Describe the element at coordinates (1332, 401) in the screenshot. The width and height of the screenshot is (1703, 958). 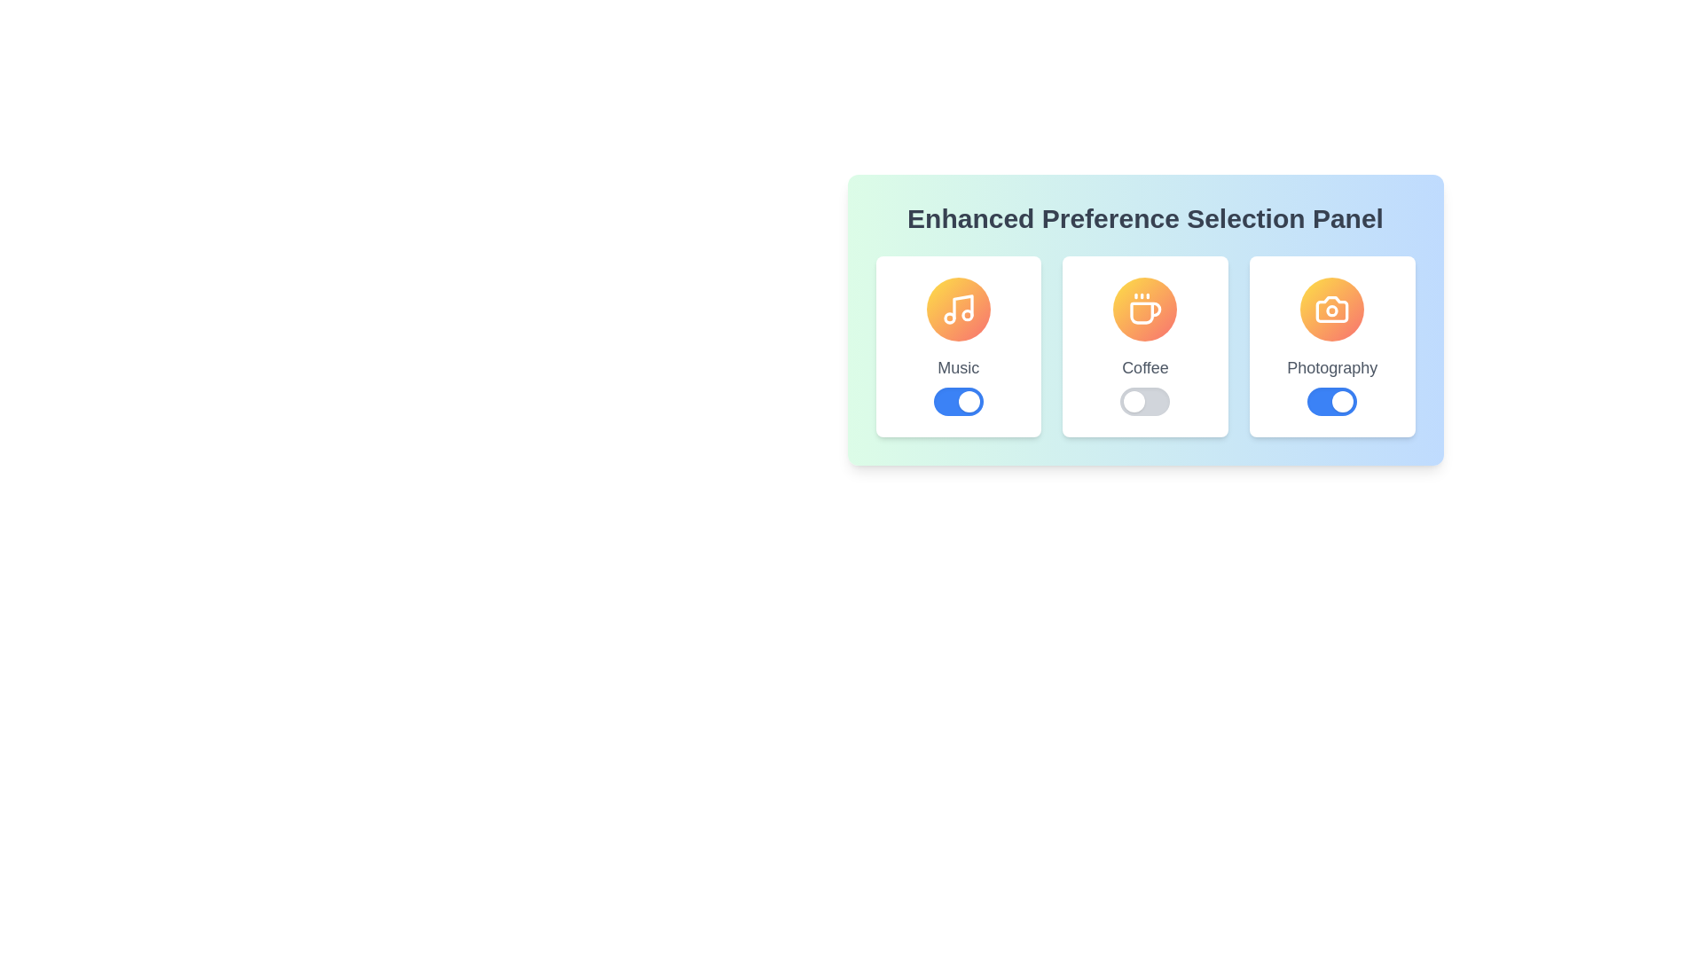
I see `the switch button for Photography to toggle its state` at that location.